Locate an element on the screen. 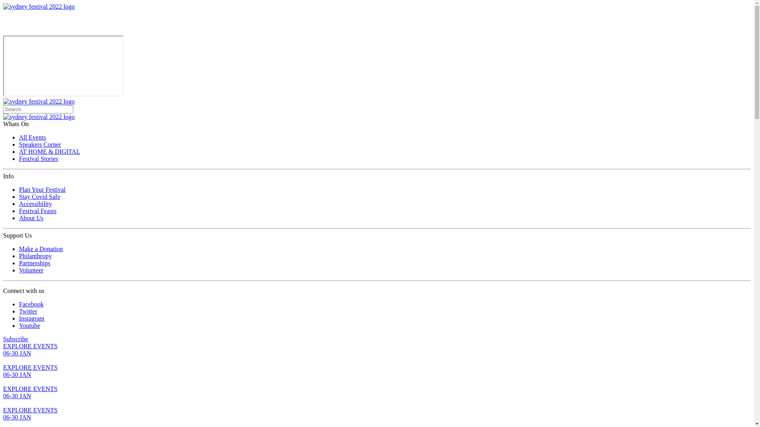 Image resolution: width=760 pixels, height=427 pixels. 'Festival Feasts' is located at coordinates (37, 210).